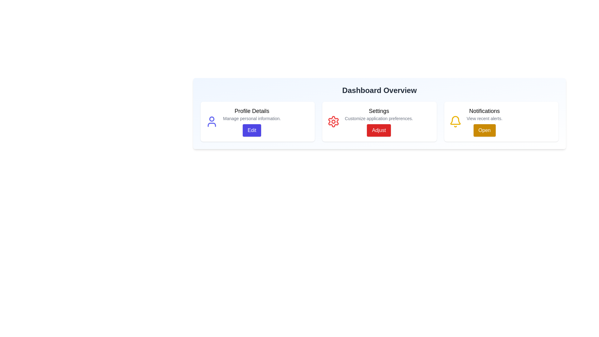 The width and height of the screenshot is (599, 337). What do you see at coordinates (378, 110) in the screenshot?
I see `the bold text label 'Settings' located at the top of the middle card in a three-card layout, which features a cogwheel icon on the left and a red 'Adjust' button at the bottom` at bounding box center [378, 110].